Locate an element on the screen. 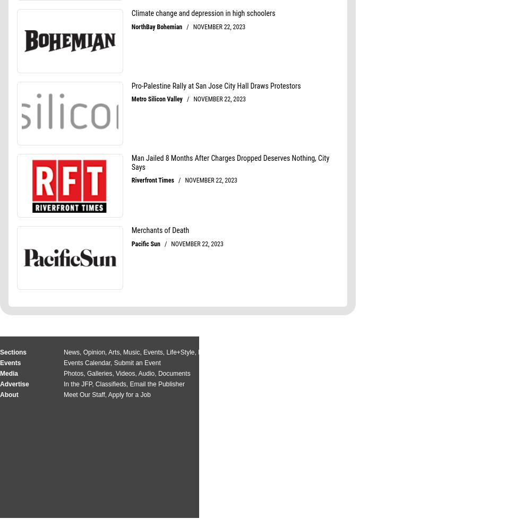  'fax: 601-510-9019' is located at coordinates (417, 384).